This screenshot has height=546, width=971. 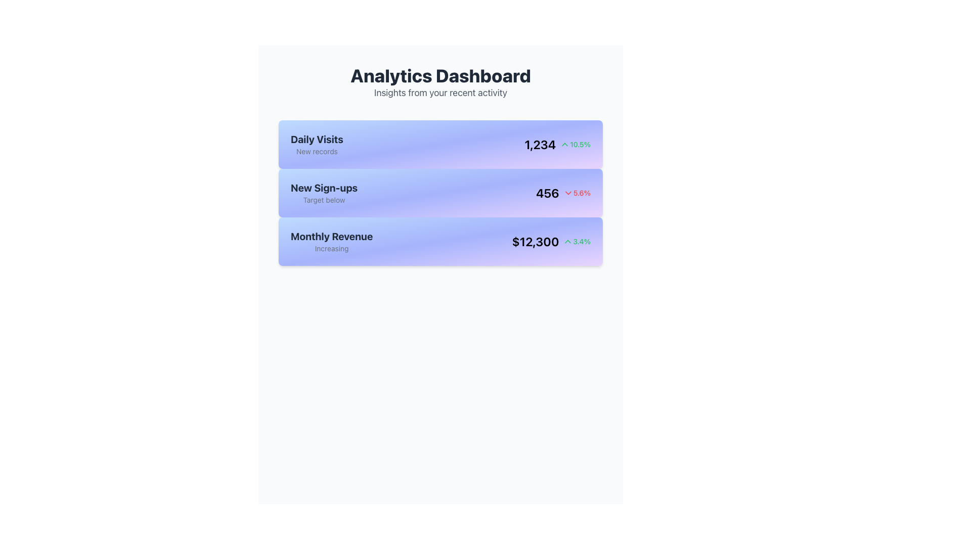 What do you see at coordinates (577, 193) in the screenshot?
I see `the text element indicating a decrease in the percentage metric for 'New Sign-ups', which is visually represented alongside an arrow symbol and is located to the right of the numeric value '456'` at bounding box center [577, 193].